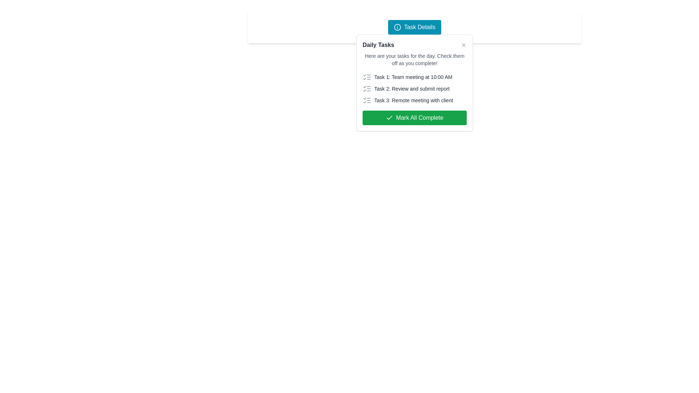  I want to click on the checkmark icon within the SVG element that signifies a completed action or confirmation, located in the task list interface, so click(389, 117).